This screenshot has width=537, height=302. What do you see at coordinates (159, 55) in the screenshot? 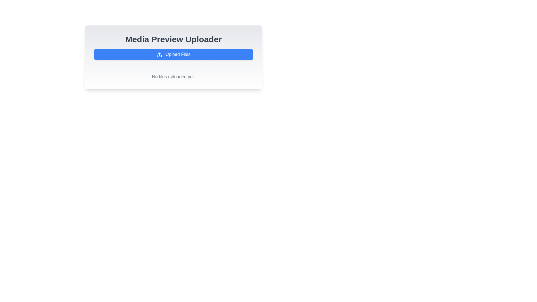
I see `the upload icon, which is represented by an upward-pointing arrow with a blue background and white foreground, located to the left of the 'Upload Files' button` at bounding box center [159, 55].